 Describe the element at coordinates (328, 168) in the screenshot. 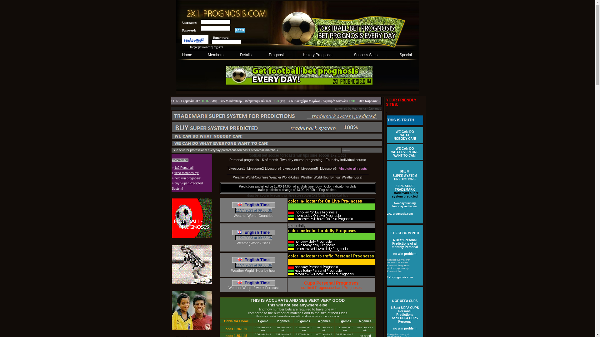

I see `'Livescore6'` at that location.